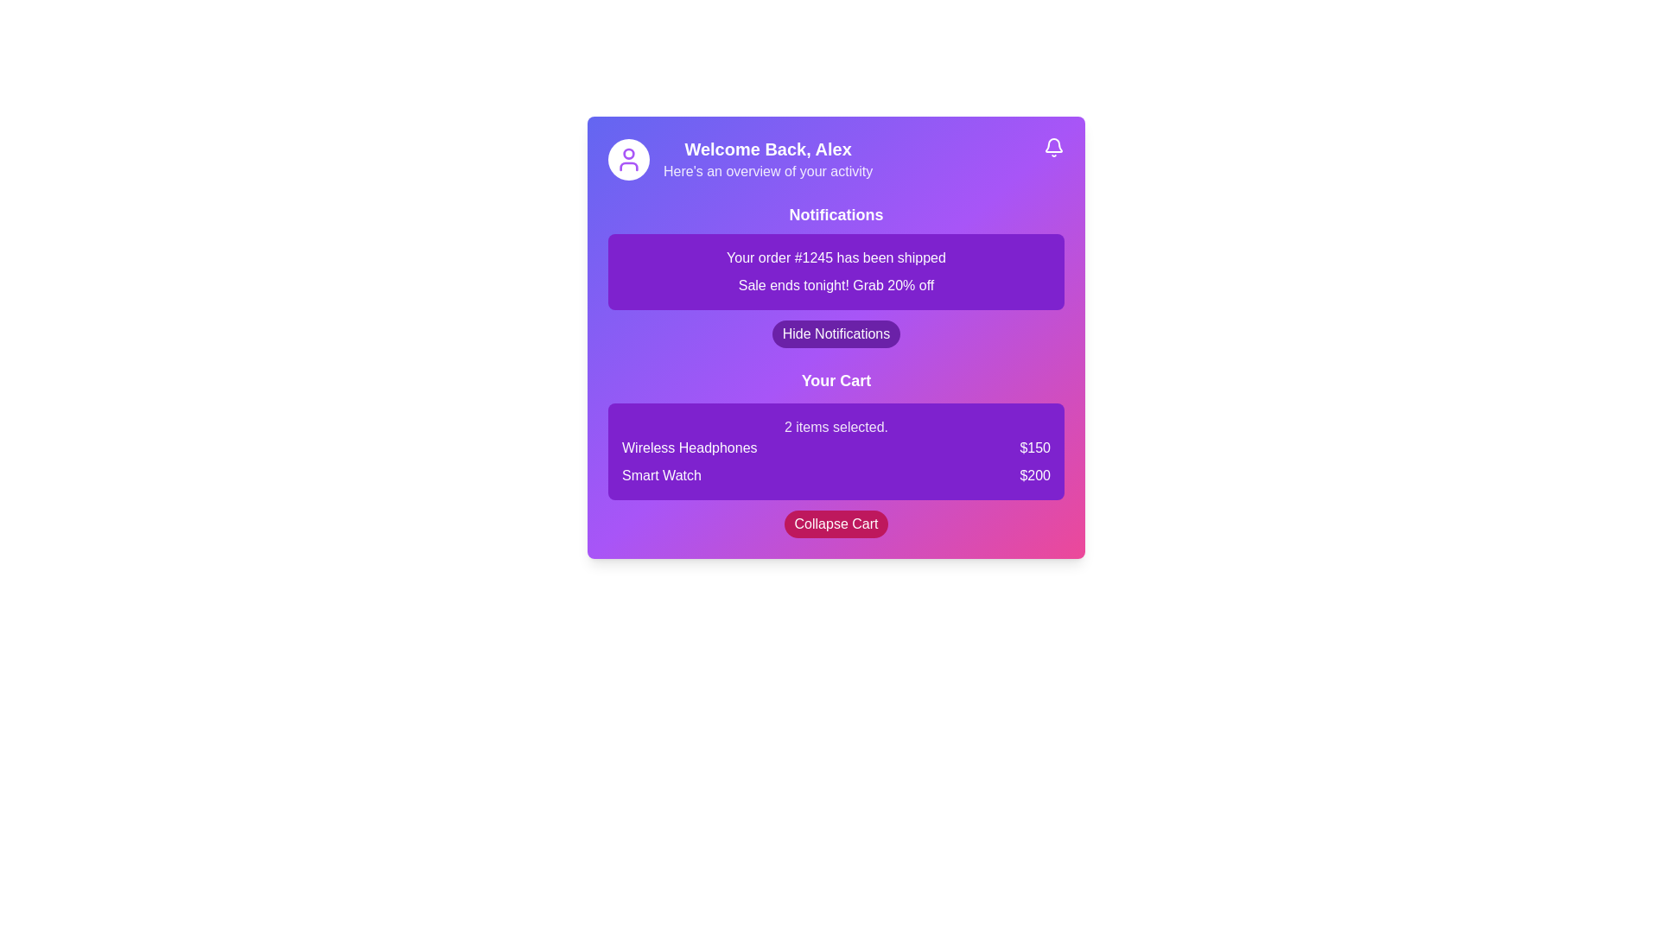  What do you see at coordinates (836, 272) in the screenshot?
I see `the Notification box with a purple background containing the text 'Your order #1245 has been shipped' and 'Sale ends tonight! Grab 20% off' for reference` at bounding box center [836, 272].